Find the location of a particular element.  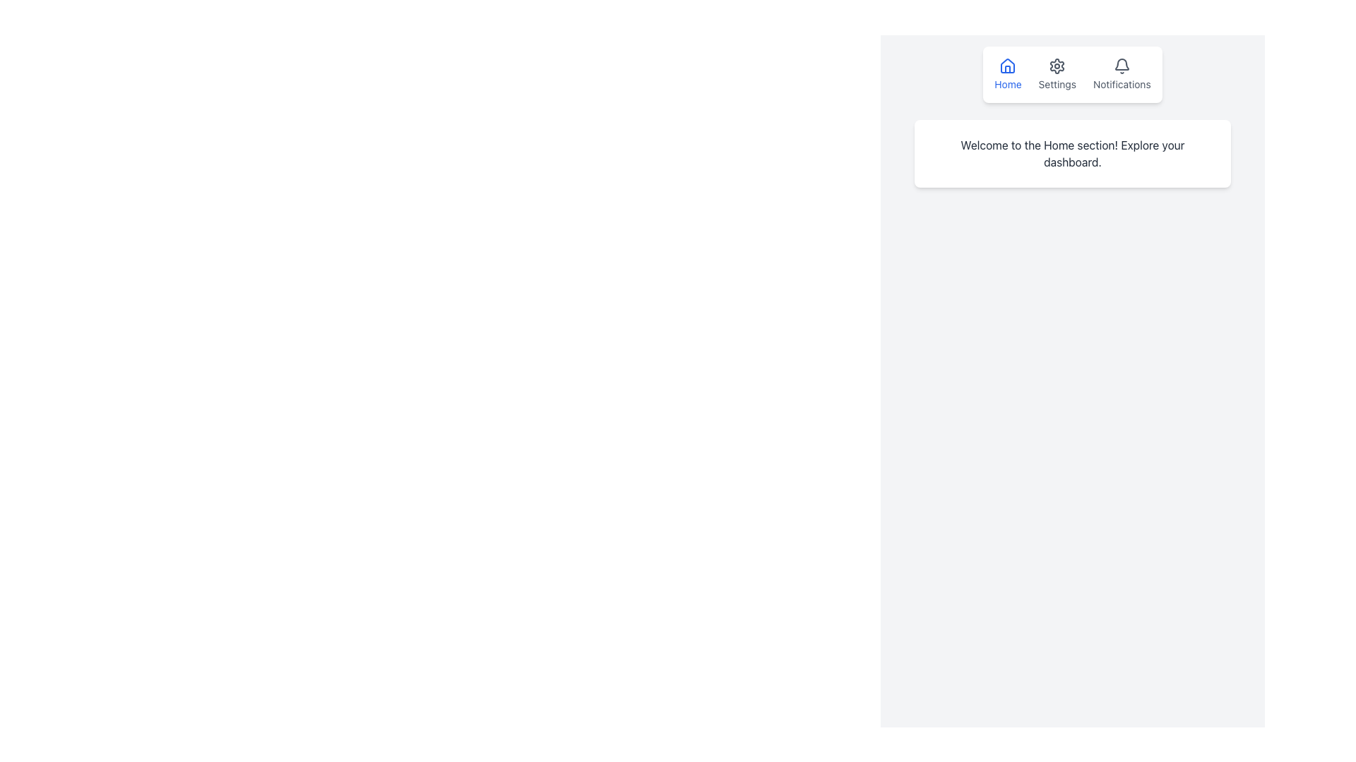

the text label that indicates the Notifications section, positioned below the bell icon is located at coordinates (1121, 84).